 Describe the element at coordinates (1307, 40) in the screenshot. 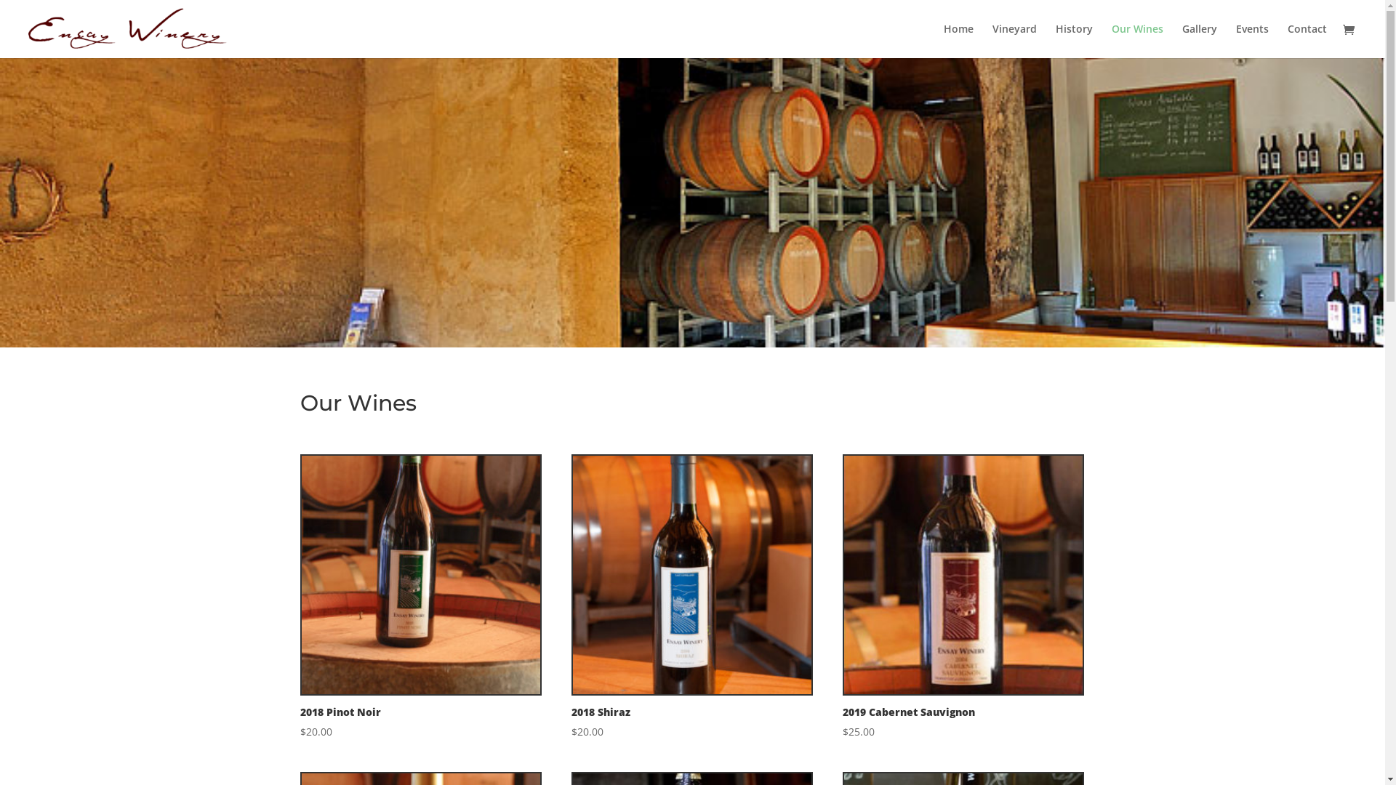

I see `'Contact'` at that location.